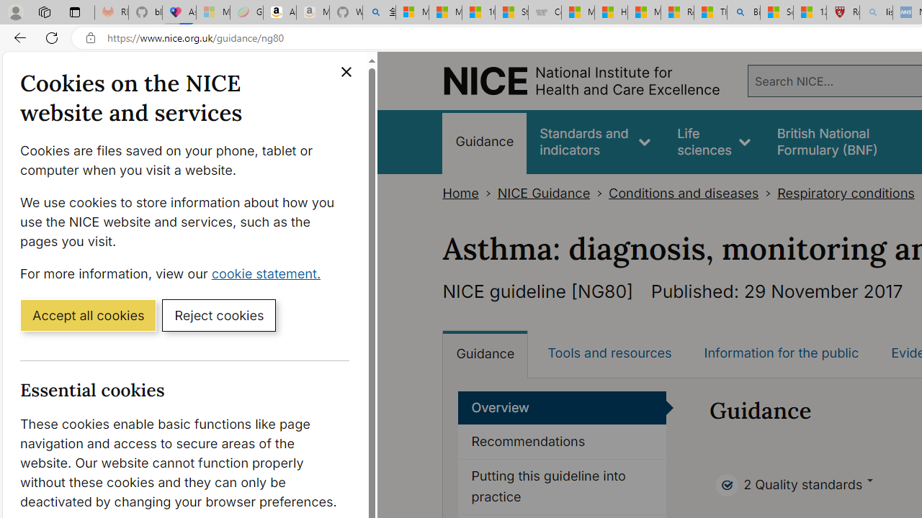 The height and width of the screenshot is (518, 922). Describe the element at coordinates (714, 142) in the screenshot. I see `'Life sciences'` at that location.